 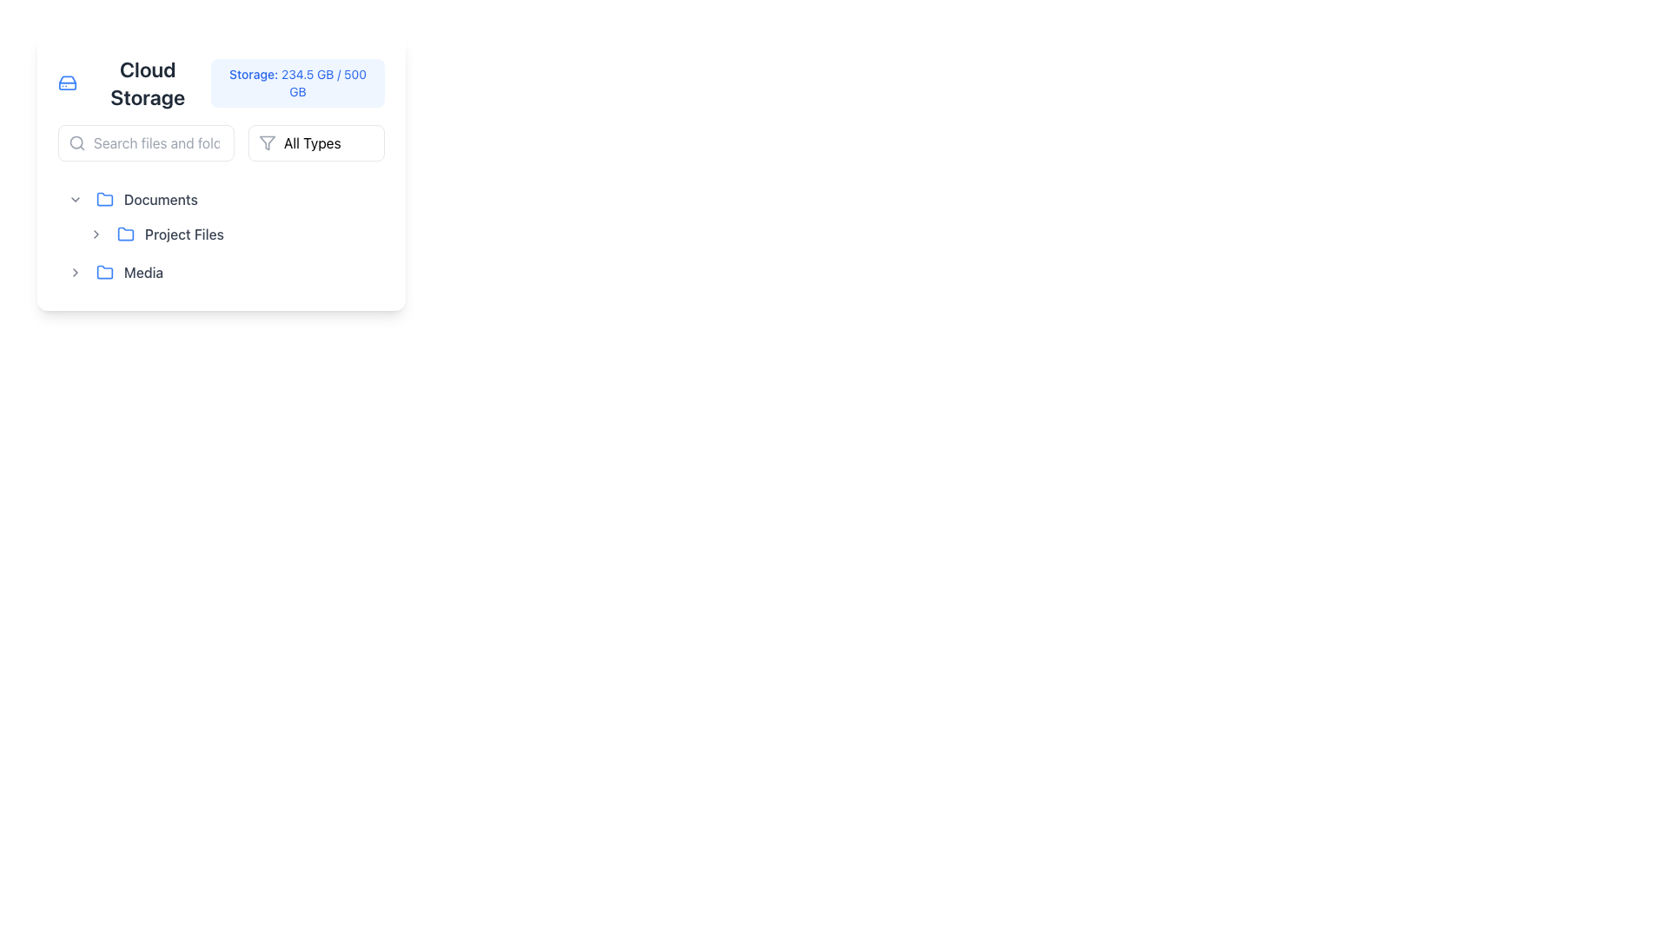 What do you see at coordinates (68, 83) in the screenshot?
I see `the hard drive icon, which is a minimalistic blue rectangular icon located in the upper left corner of the interface next to the 'Cloud Storage' label` at bounding box center [68, 83].